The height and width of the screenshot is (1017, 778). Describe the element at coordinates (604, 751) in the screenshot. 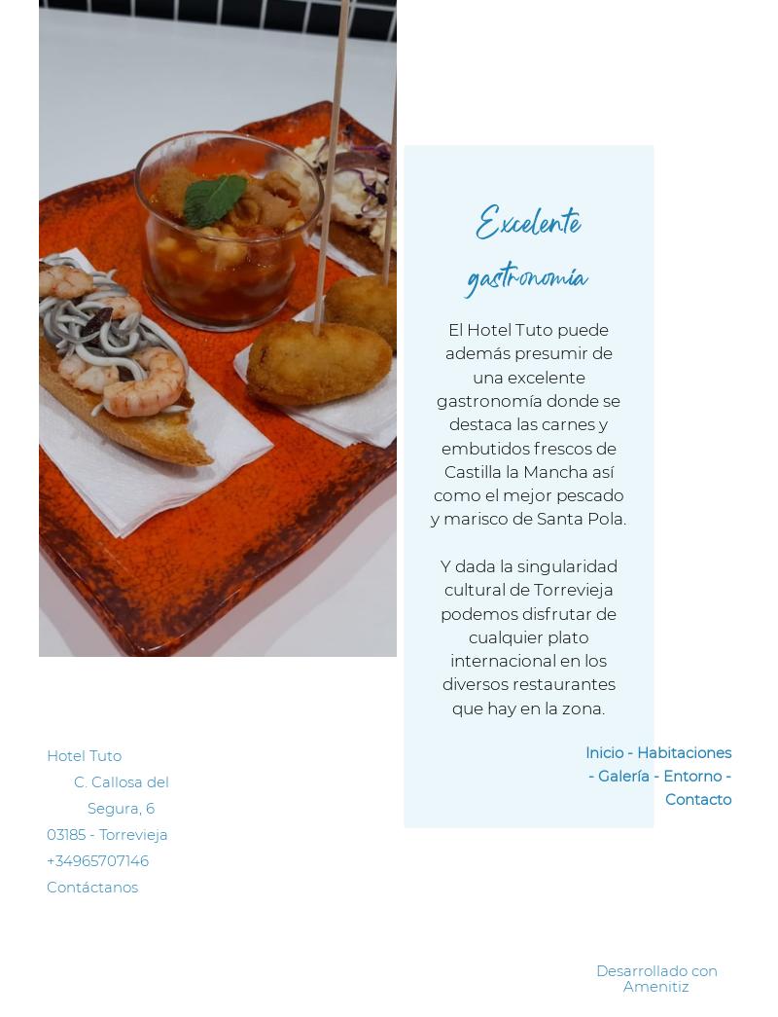

I see `'Inicio'` at that location.